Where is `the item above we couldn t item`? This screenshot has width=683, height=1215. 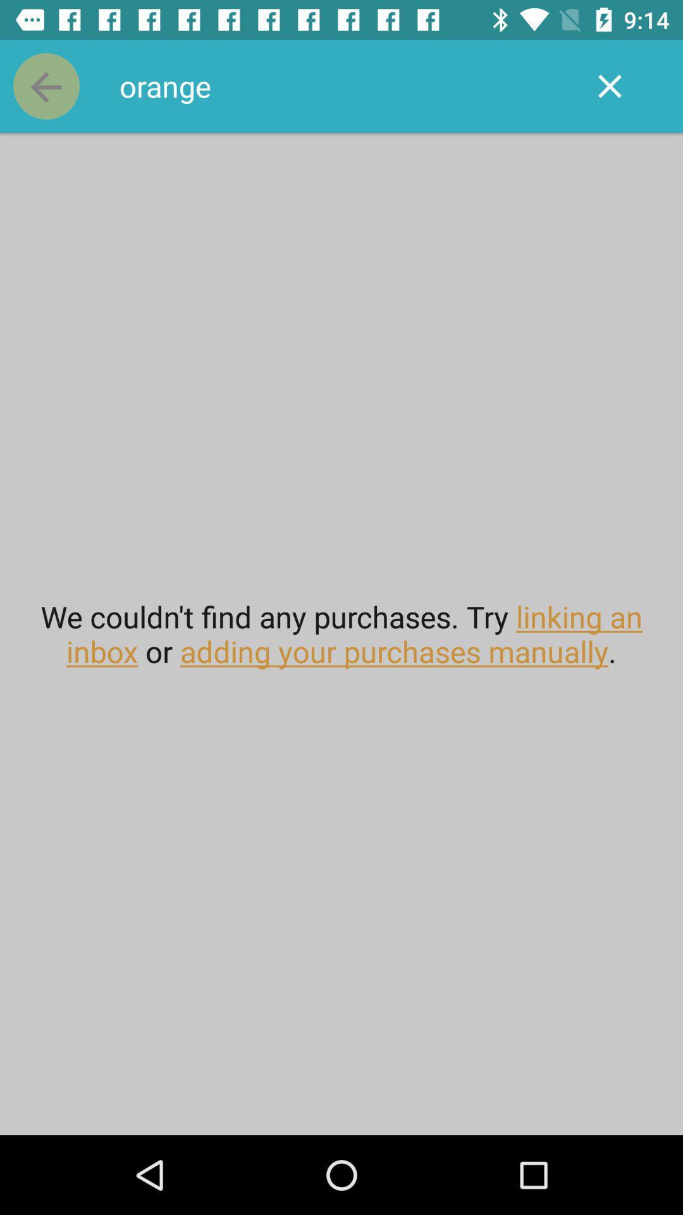 the item above we couldn t item is located at coordinates (341, 85).